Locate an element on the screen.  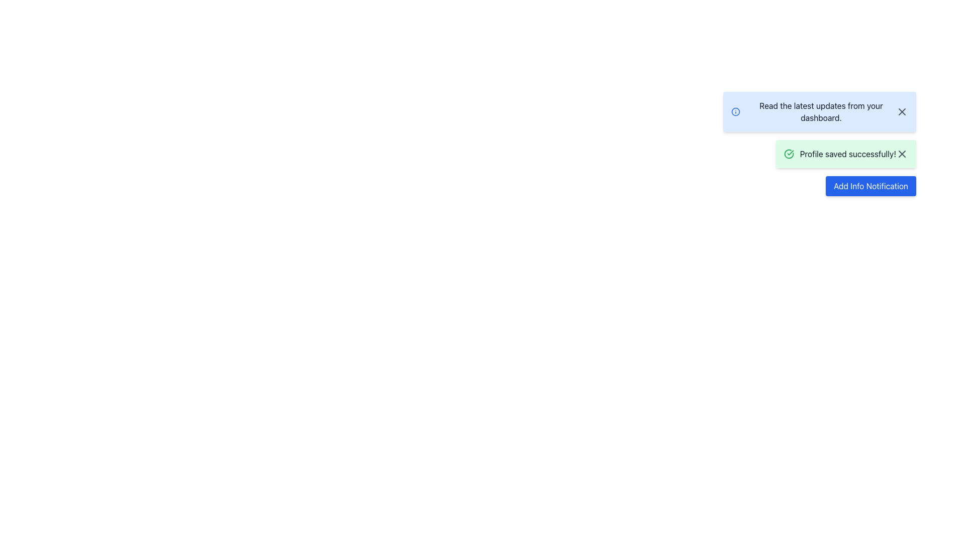
the small 'X' icon button located at the far right of the green notification bar is located at coordinates (902, 154).